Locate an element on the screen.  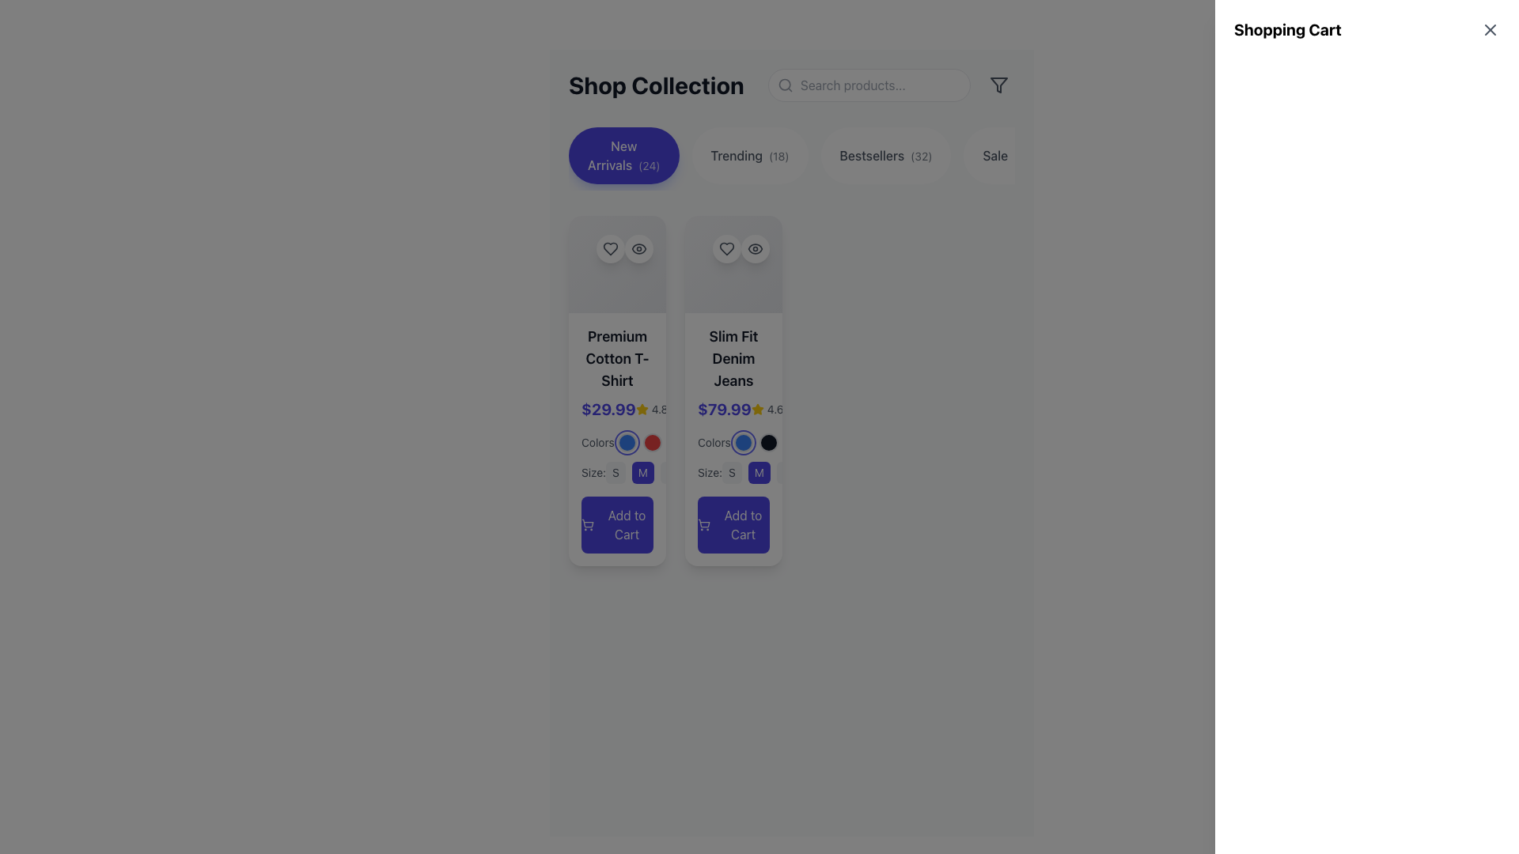
the heart icon in the icon group located at the top-right section of the 'Premium Cotton T-Shirt' card to favorite the item is located at coordinates (624, 246).